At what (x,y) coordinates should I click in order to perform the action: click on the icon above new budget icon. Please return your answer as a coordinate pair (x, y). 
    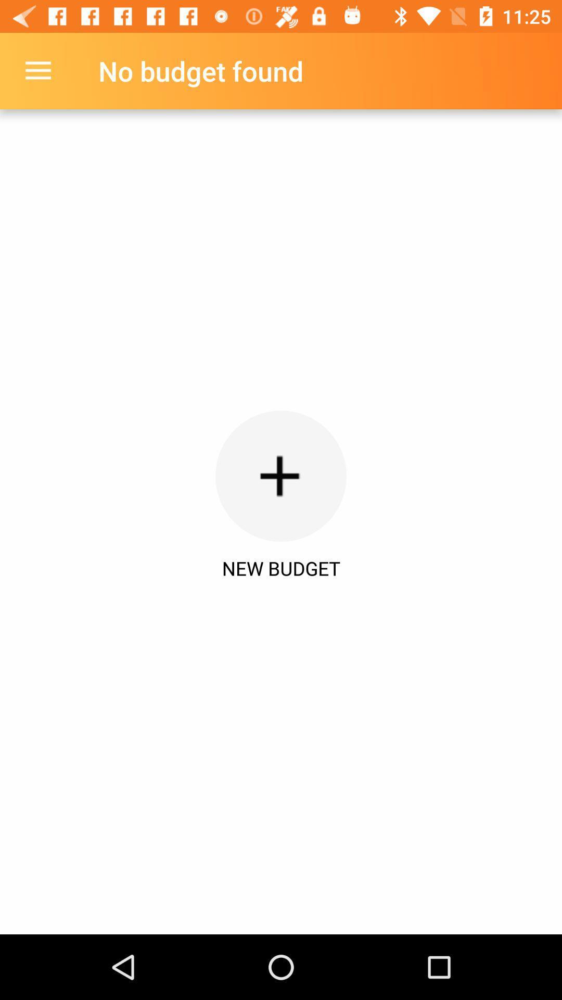
    Looking at the image, I should click on (281, 476).